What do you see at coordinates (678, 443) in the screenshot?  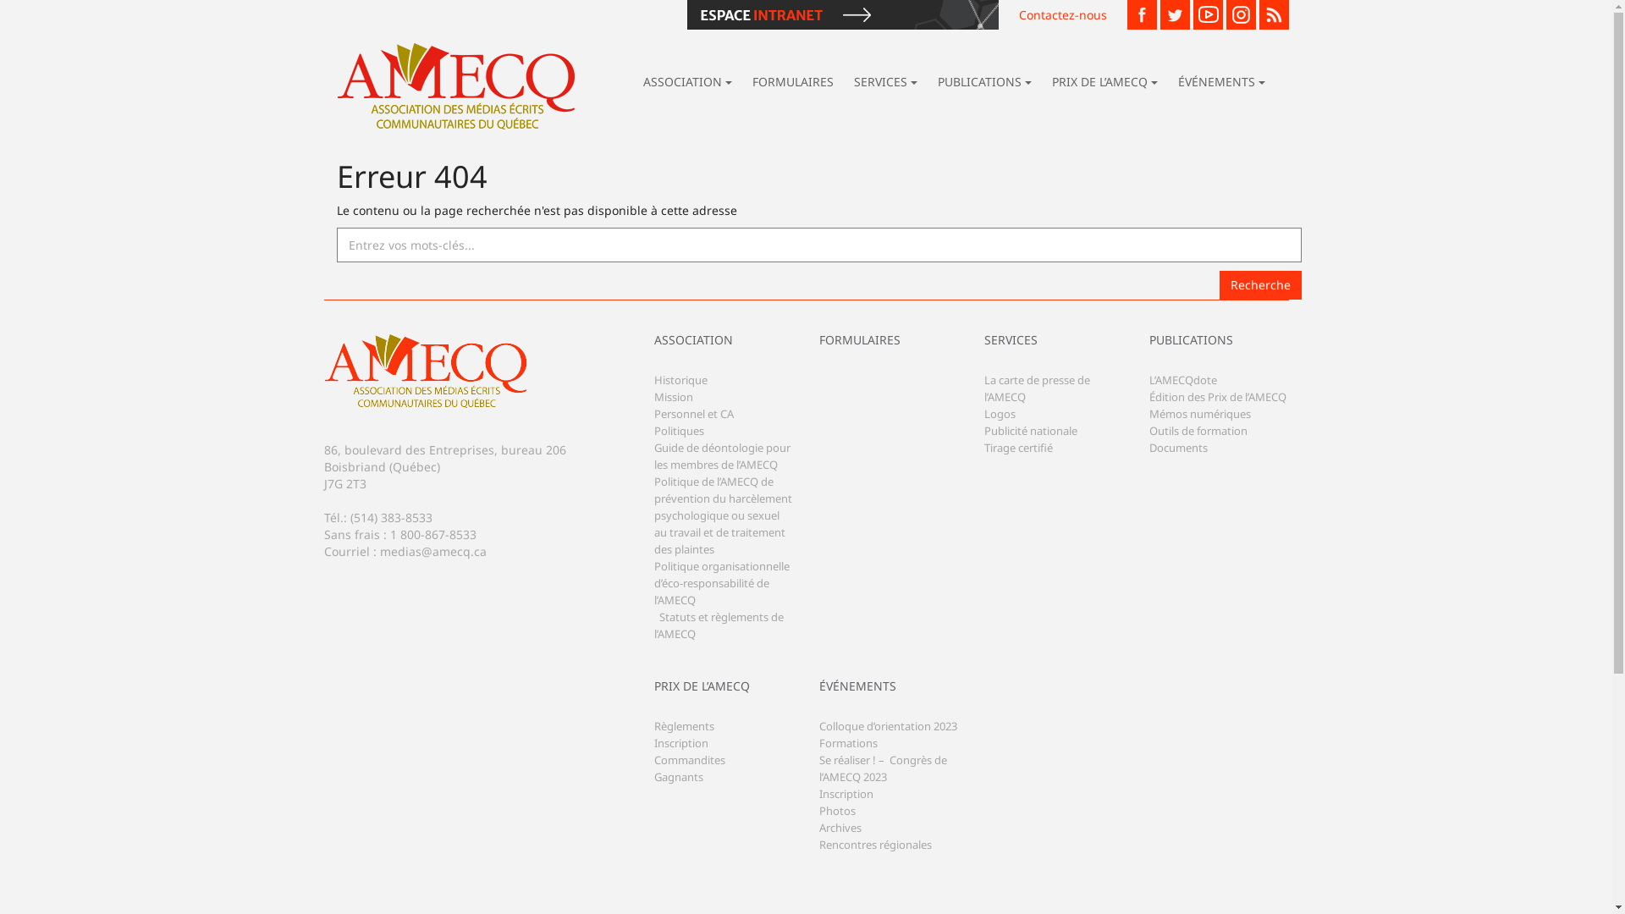 I see `'Politiques'` at bounding box center [678, 443].